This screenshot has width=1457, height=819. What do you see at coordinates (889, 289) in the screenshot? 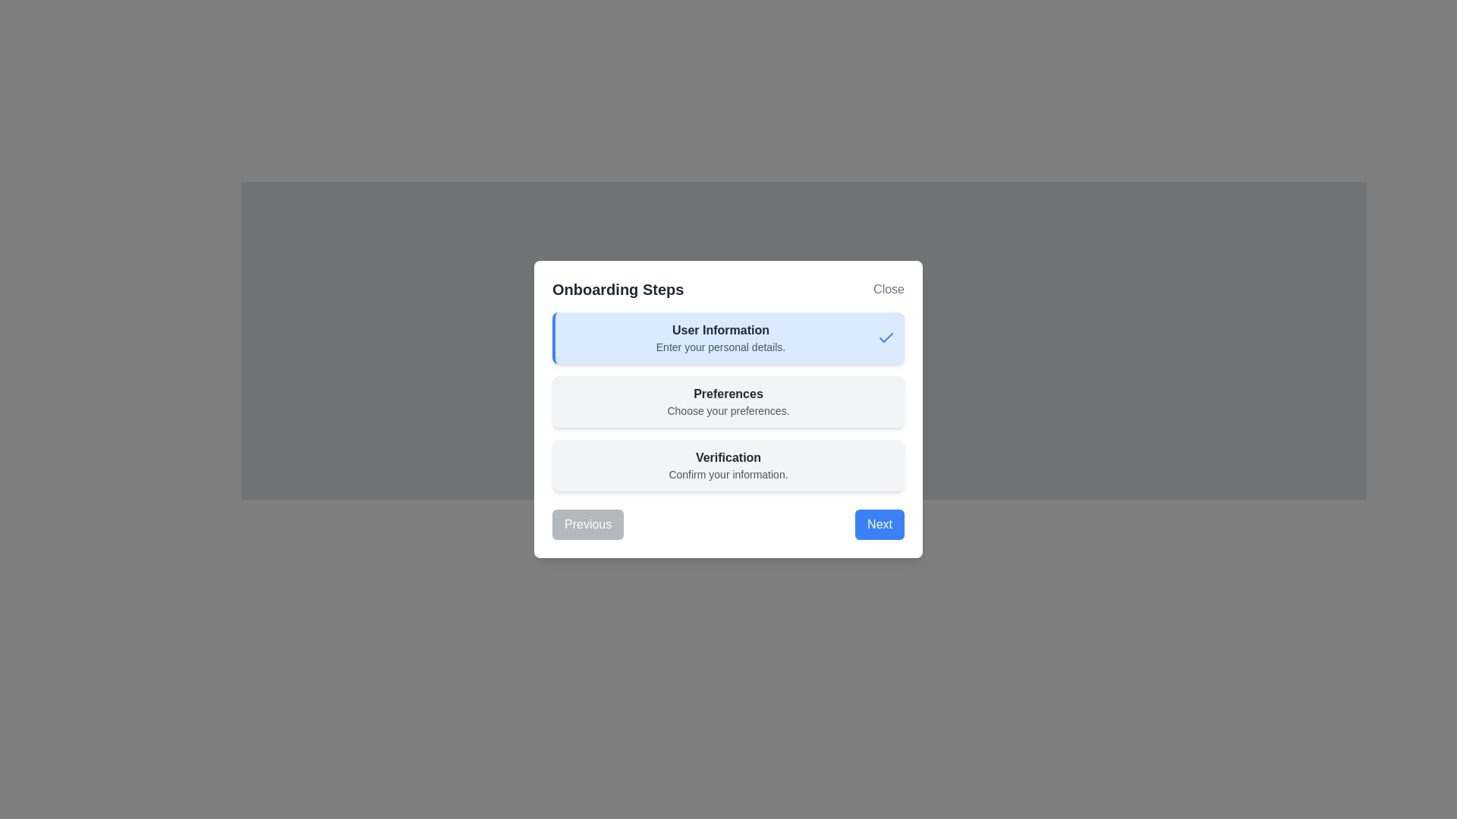
I see `the 'Close' button in the top-right corner of the 'Onboarding Steps' modal dialog` at bounding box center [889, 289].